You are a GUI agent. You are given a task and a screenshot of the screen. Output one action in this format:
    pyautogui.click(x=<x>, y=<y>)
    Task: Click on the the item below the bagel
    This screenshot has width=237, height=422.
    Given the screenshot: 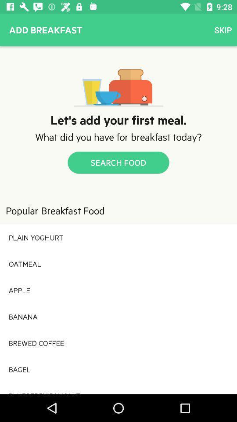 What is the action you would take?
    pyautogui.click(x=118, y=388)
    